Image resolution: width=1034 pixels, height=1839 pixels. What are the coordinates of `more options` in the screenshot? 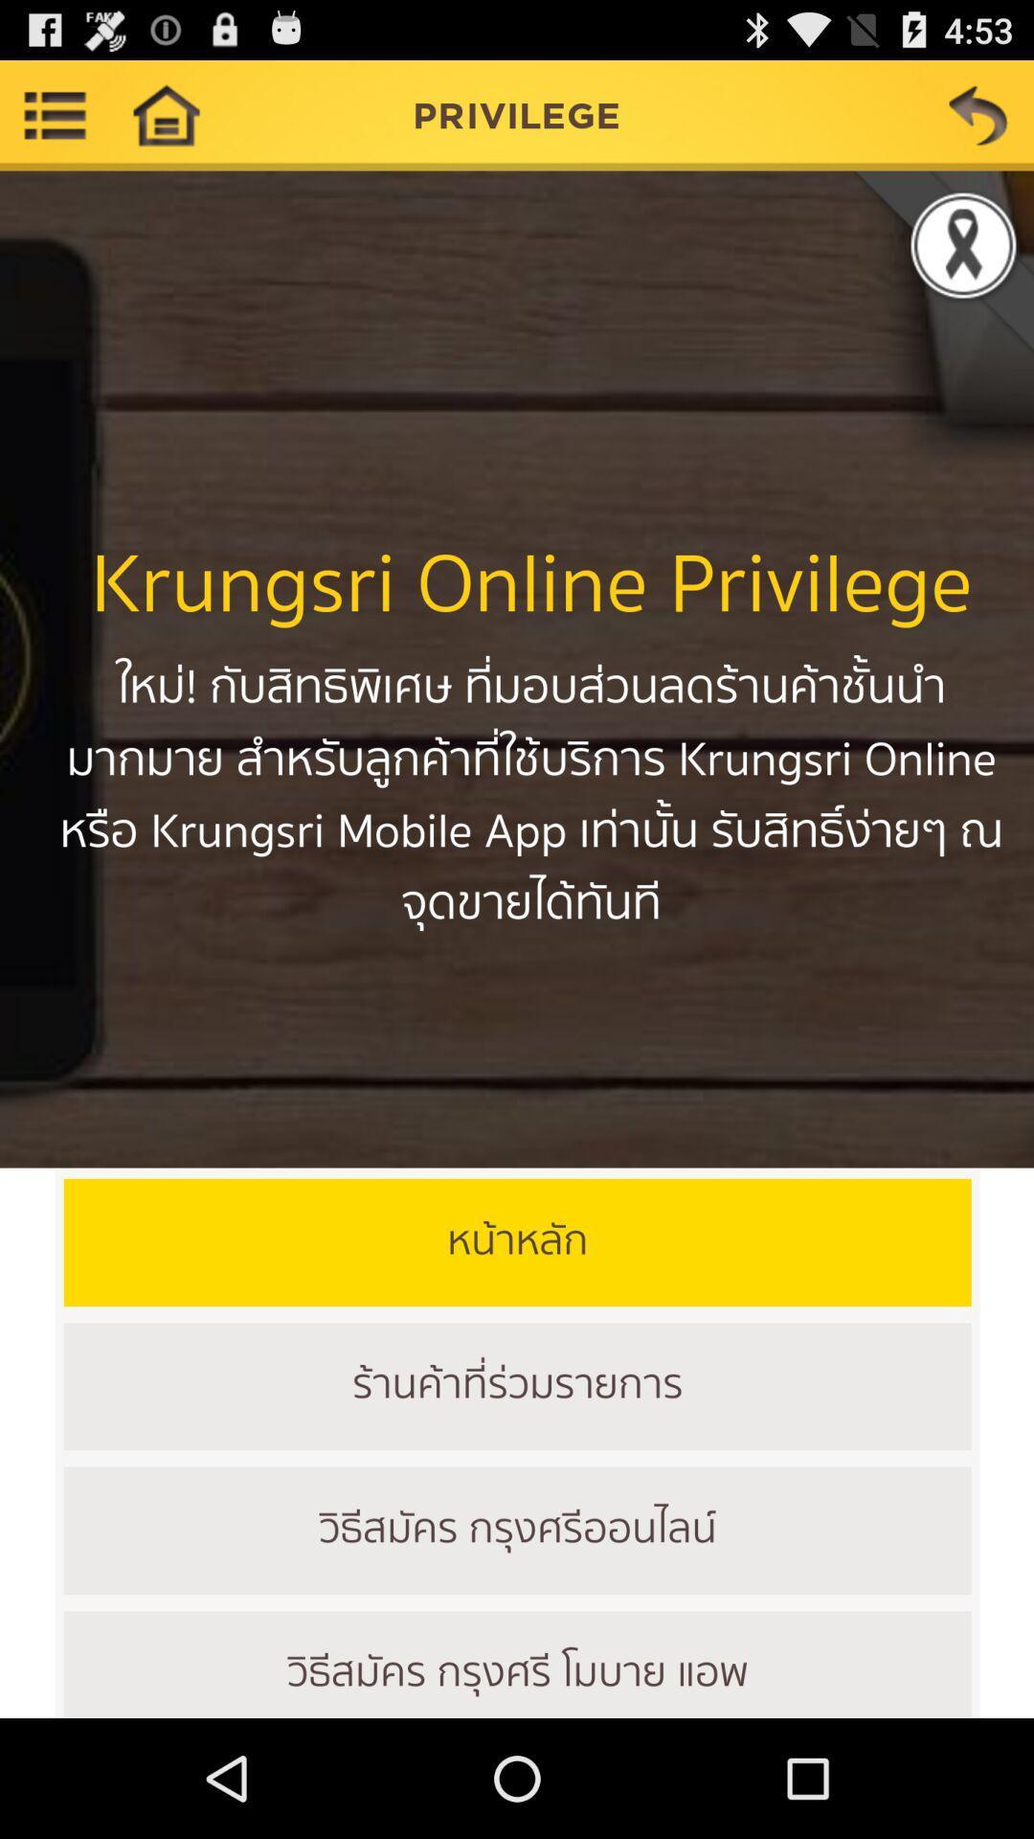 It's located at (54, 114).